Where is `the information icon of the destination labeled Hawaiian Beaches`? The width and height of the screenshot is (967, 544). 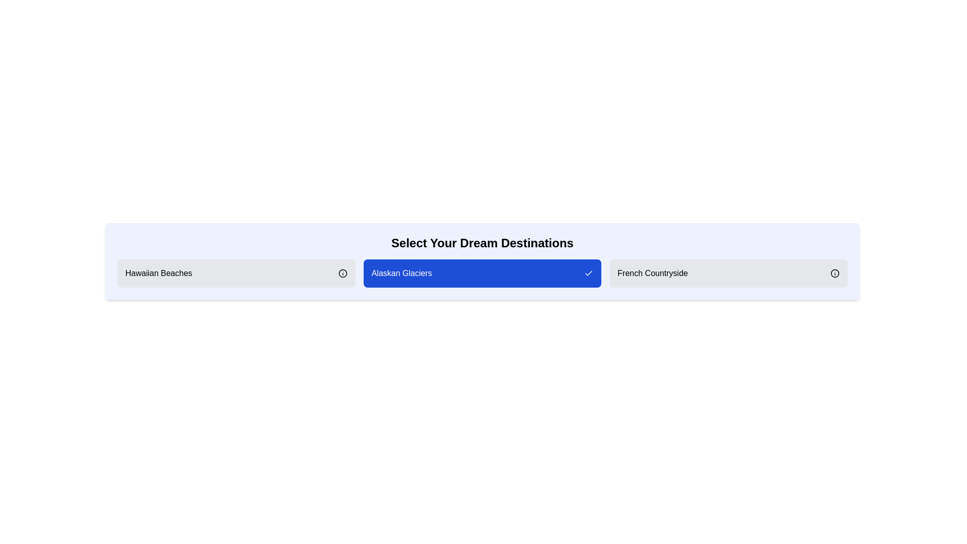
the information icon of the destination labeled Hawaiian Beaches is located at coordinates (342, 274).